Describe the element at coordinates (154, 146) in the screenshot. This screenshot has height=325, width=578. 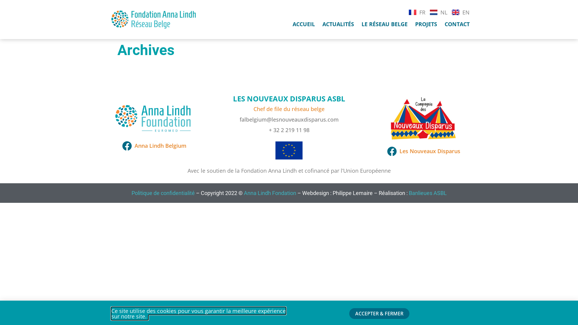
I see `'Anna Lindh Belgium'` at that location.